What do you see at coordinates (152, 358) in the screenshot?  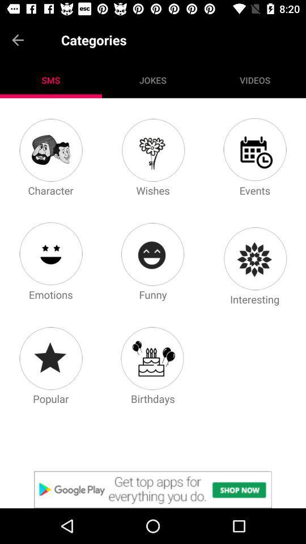 I see `happy birthday icon` at bounding box center [152, 358].